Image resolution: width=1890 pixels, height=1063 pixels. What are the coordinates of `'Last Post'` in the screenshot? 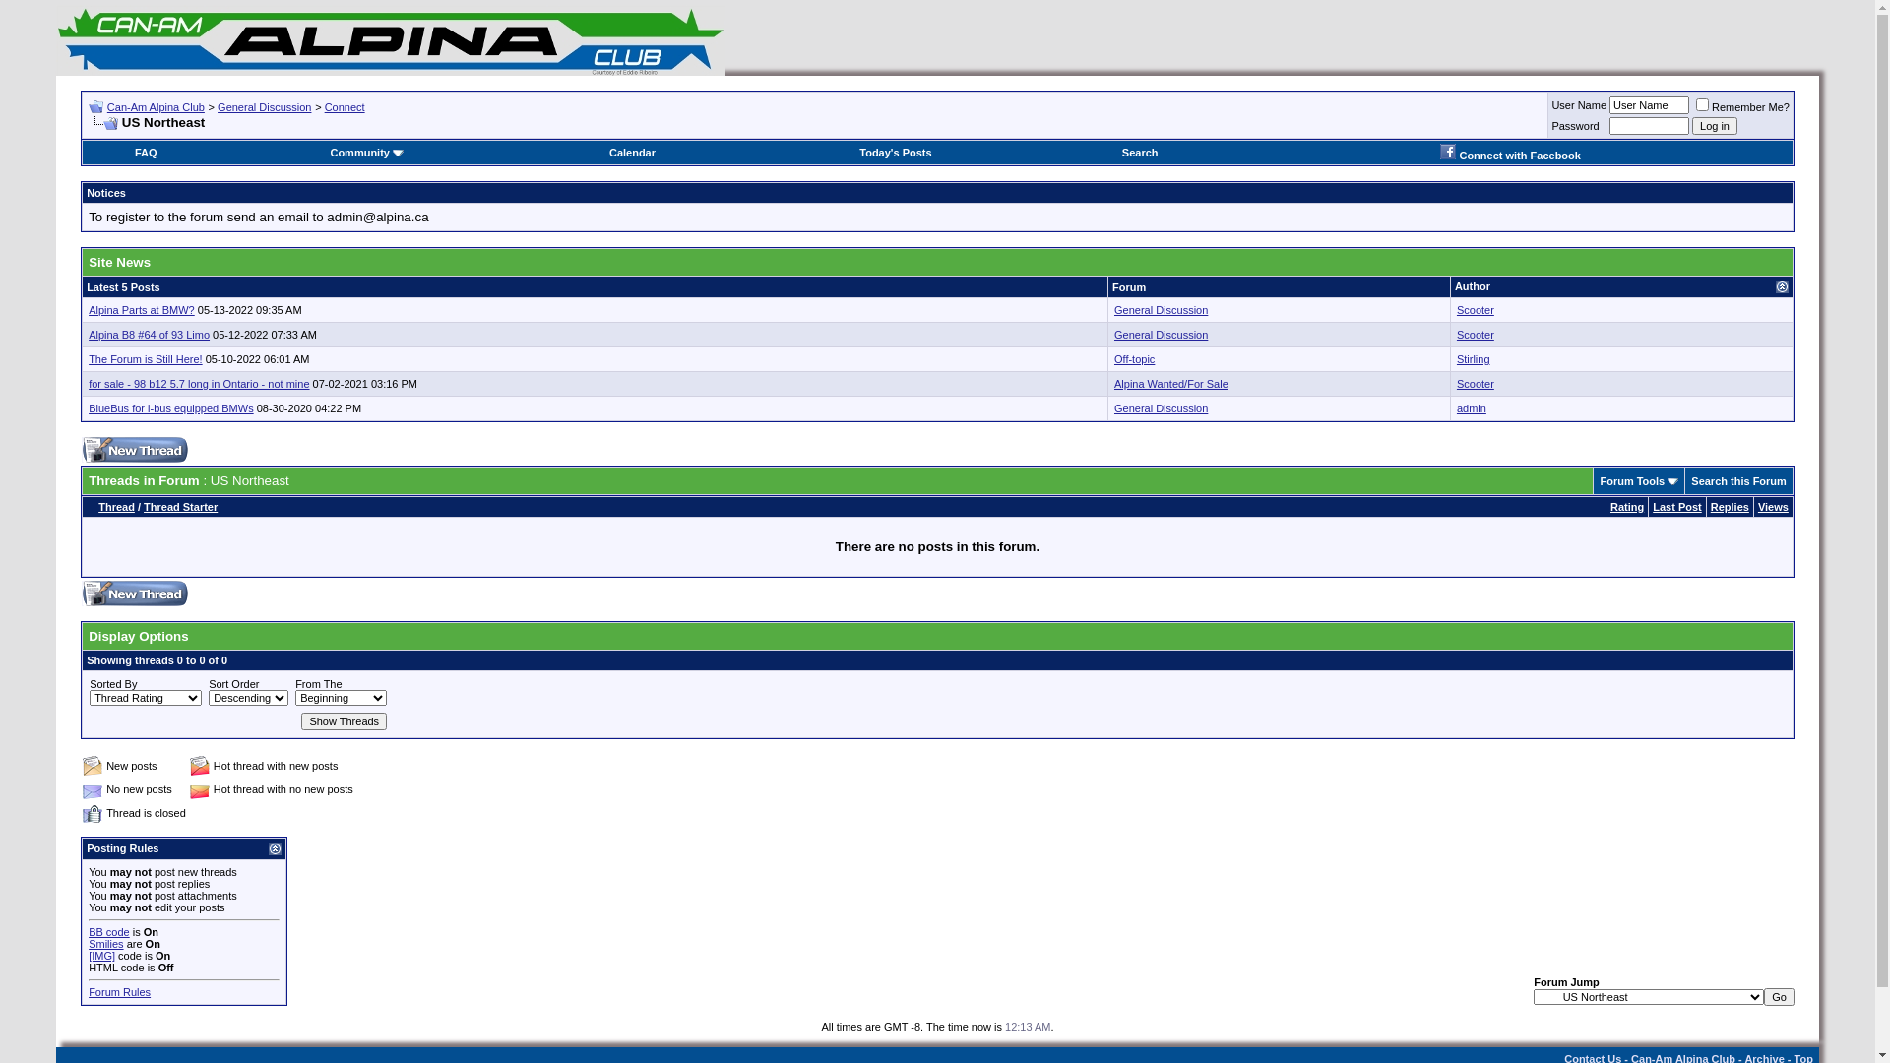 It's located at (1676, 506).